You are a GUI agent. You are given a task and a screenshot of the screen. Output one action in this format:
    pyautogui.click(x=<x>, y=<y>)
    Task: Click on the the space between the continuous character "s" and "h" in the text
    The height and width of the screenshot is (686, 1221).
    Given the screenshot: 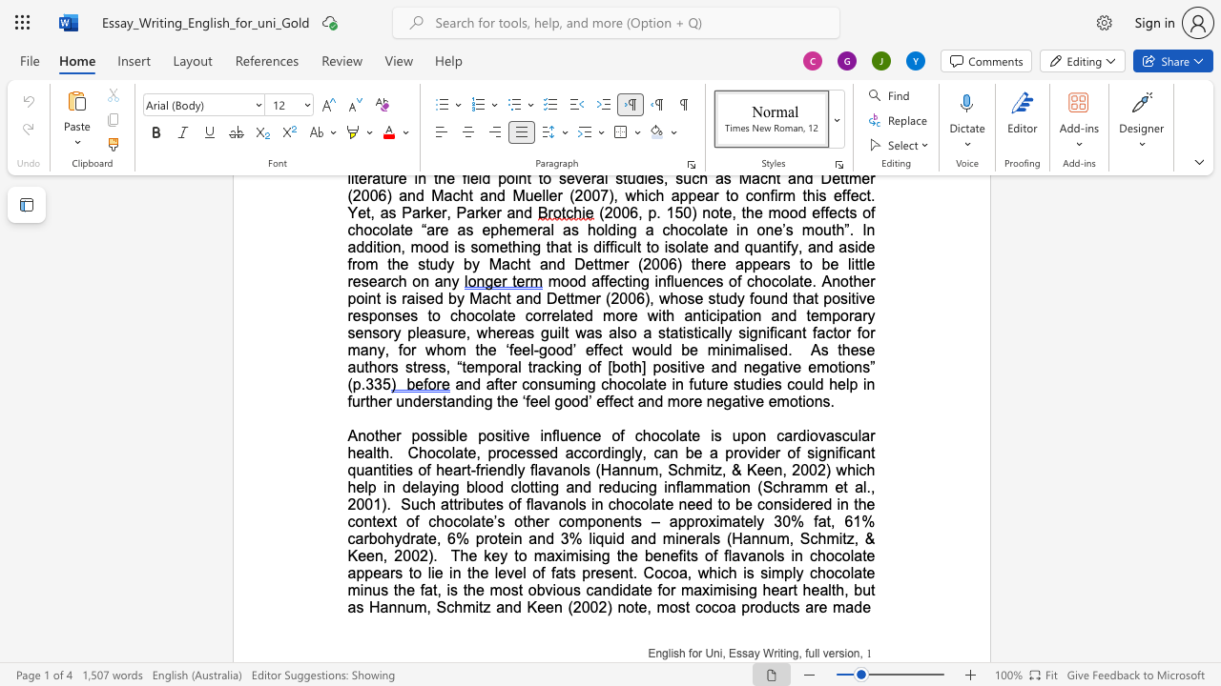 What is the action you would take?
    pyautogui.click(x=679, y=653)
    